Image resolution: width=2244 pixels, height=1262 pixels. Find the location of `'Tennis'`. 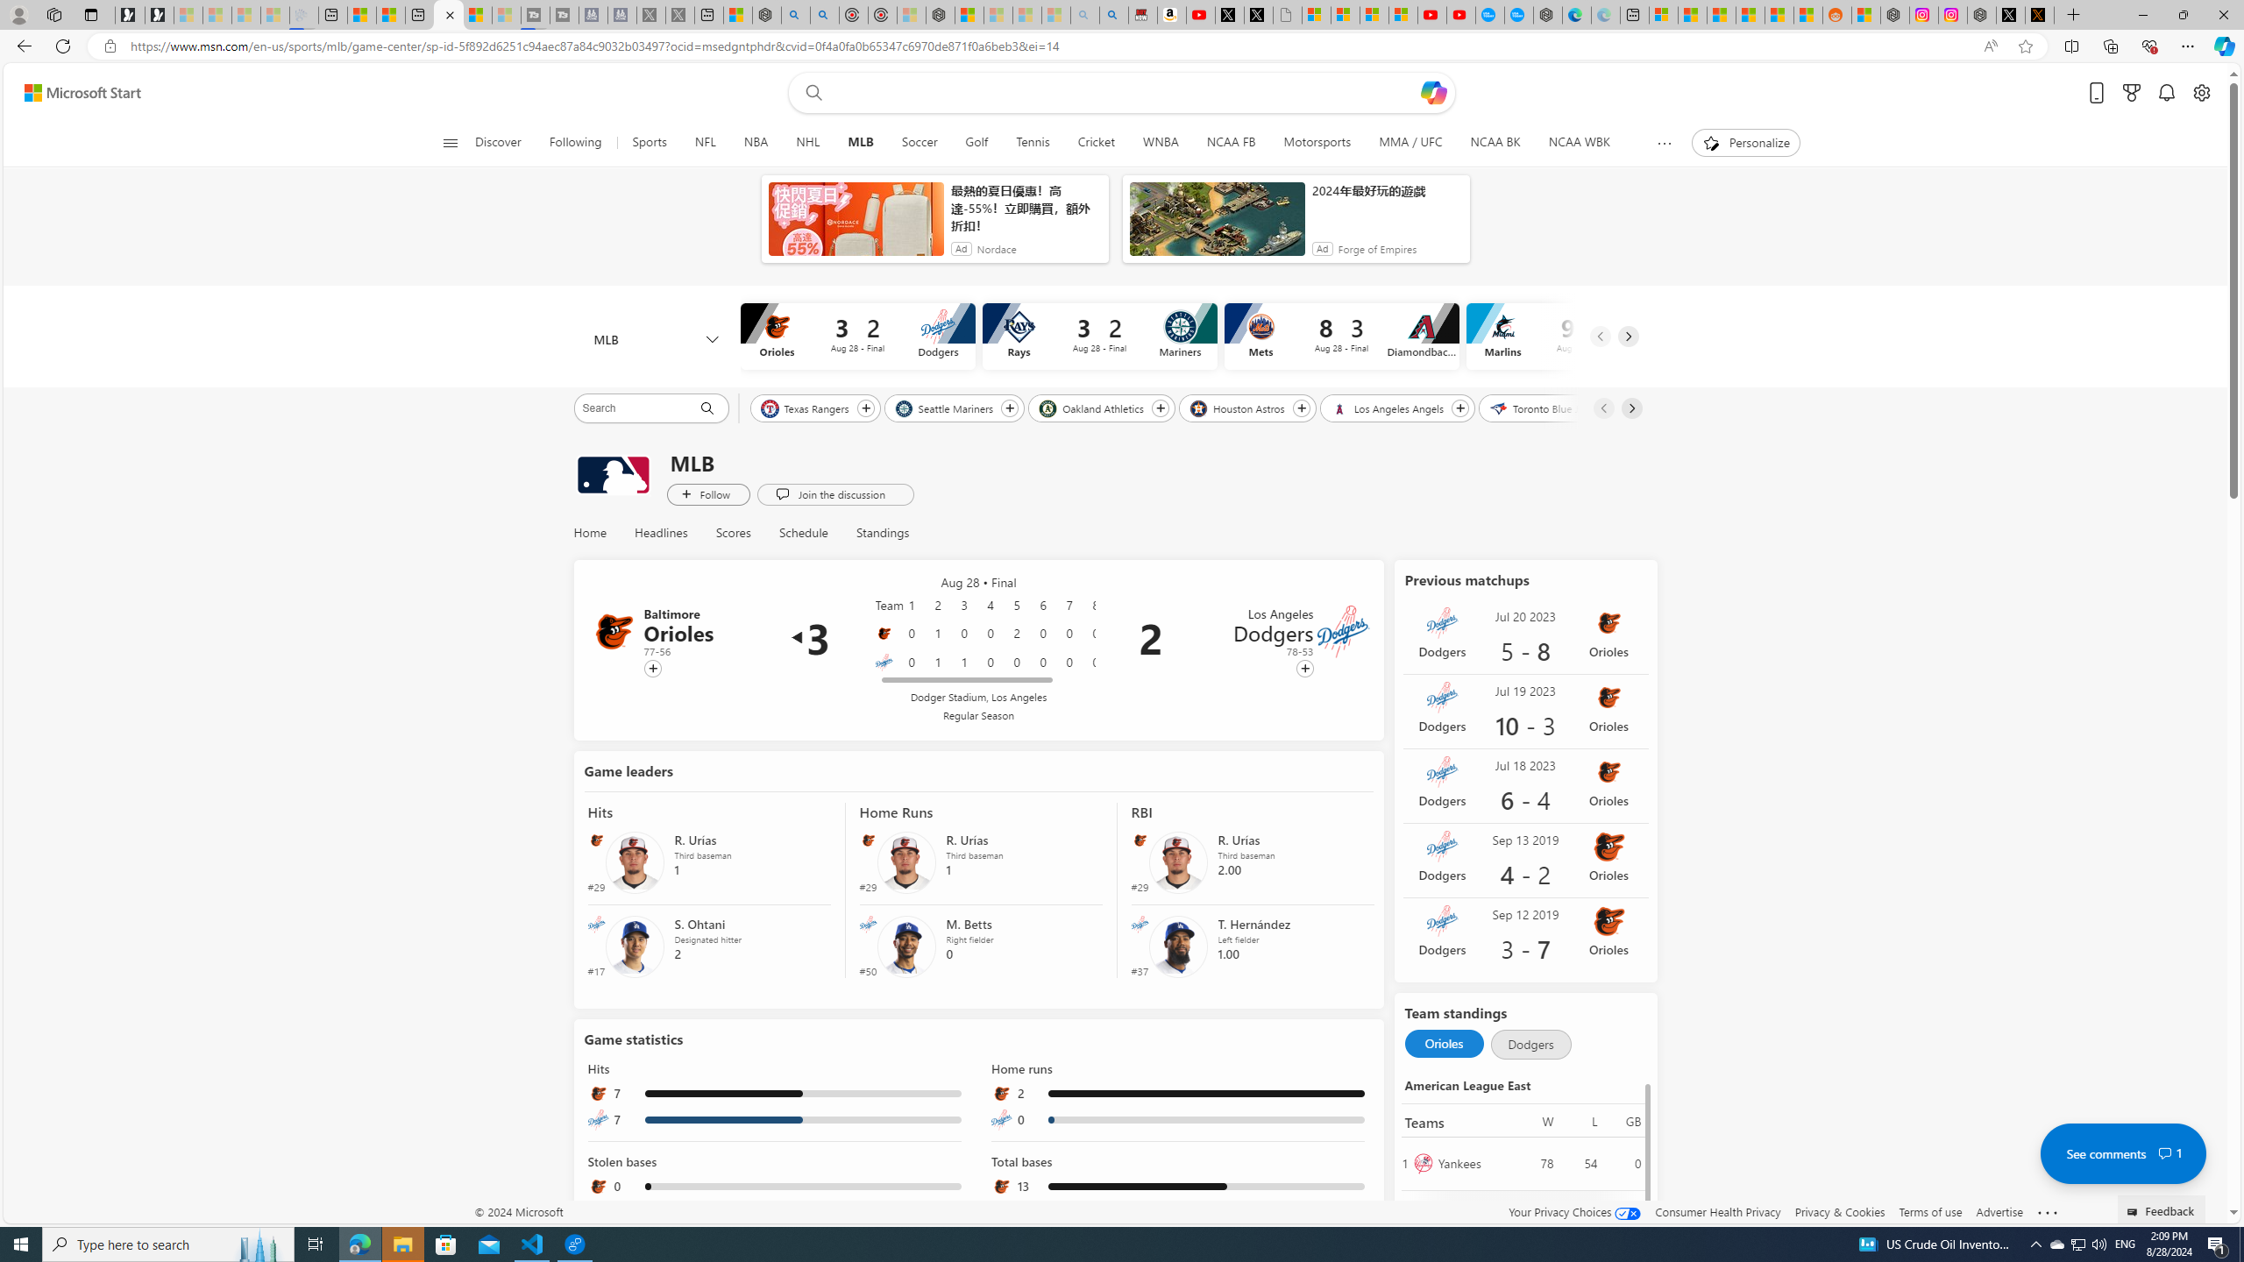

'Tennis' is located at coordinates (1032, 142).